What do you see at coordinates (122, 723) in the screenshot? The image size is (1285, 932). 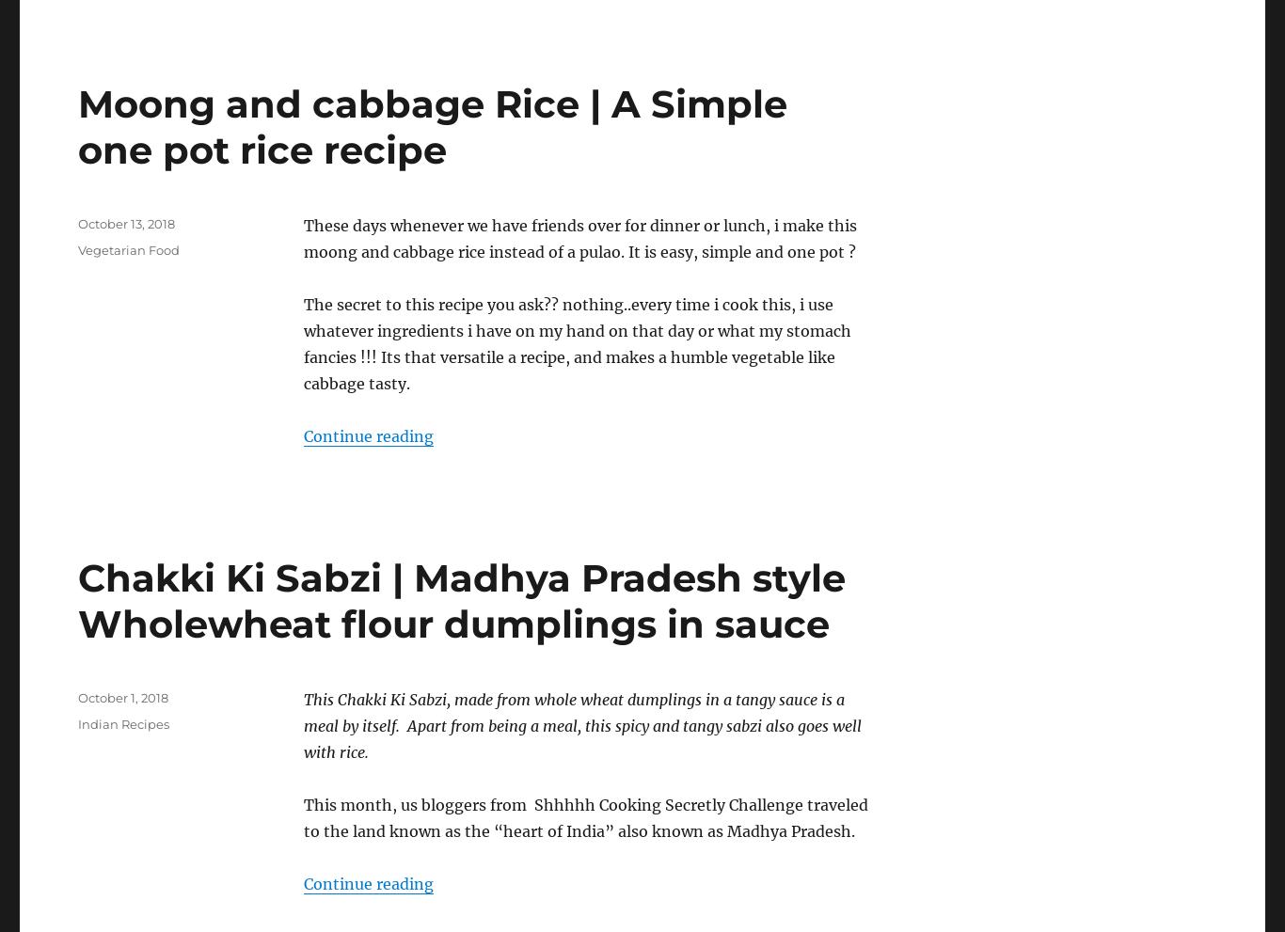 I see `'Indian Recipes'` at bounding box center [122, 723].